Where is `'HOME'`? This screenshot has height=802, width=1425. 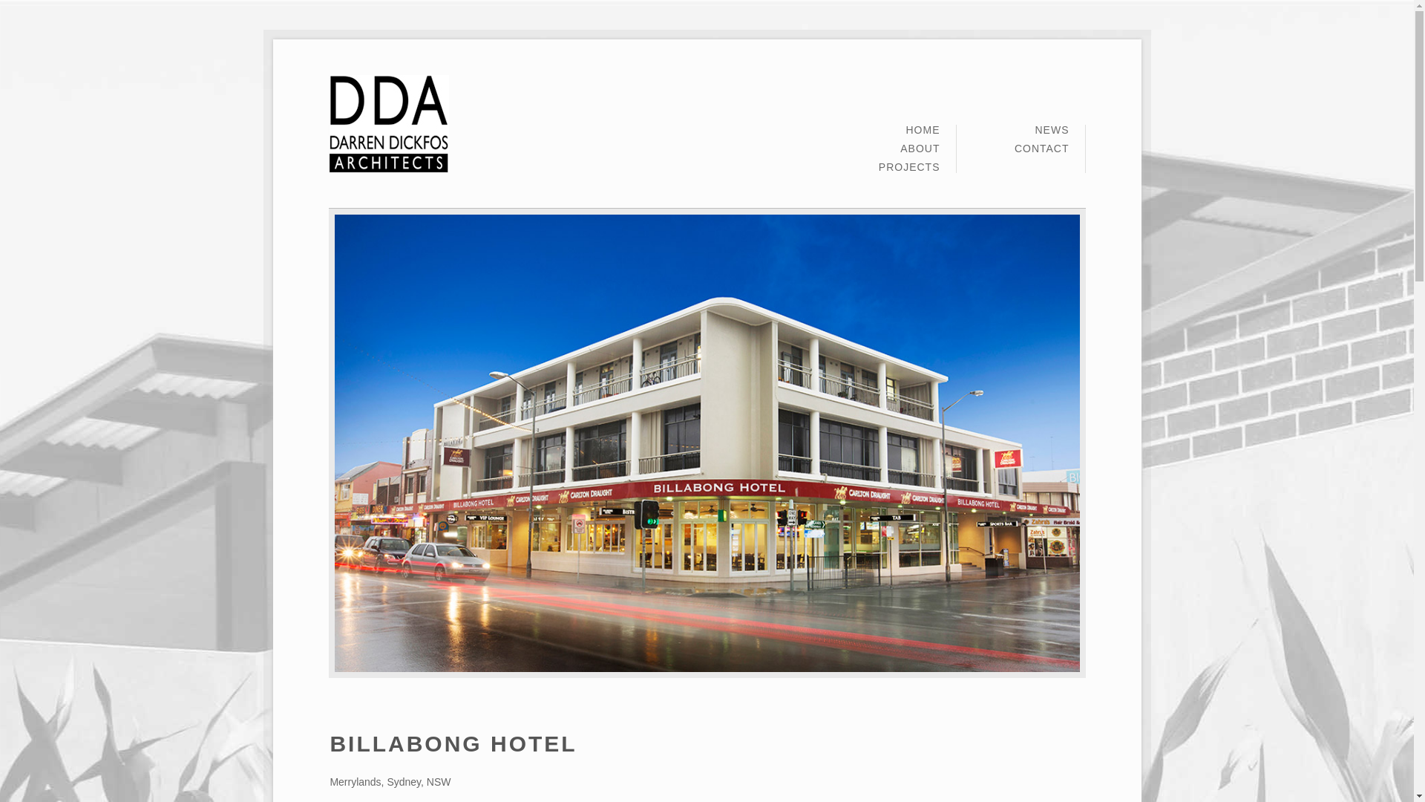
'HOME' is located at coordinates (922, 134).